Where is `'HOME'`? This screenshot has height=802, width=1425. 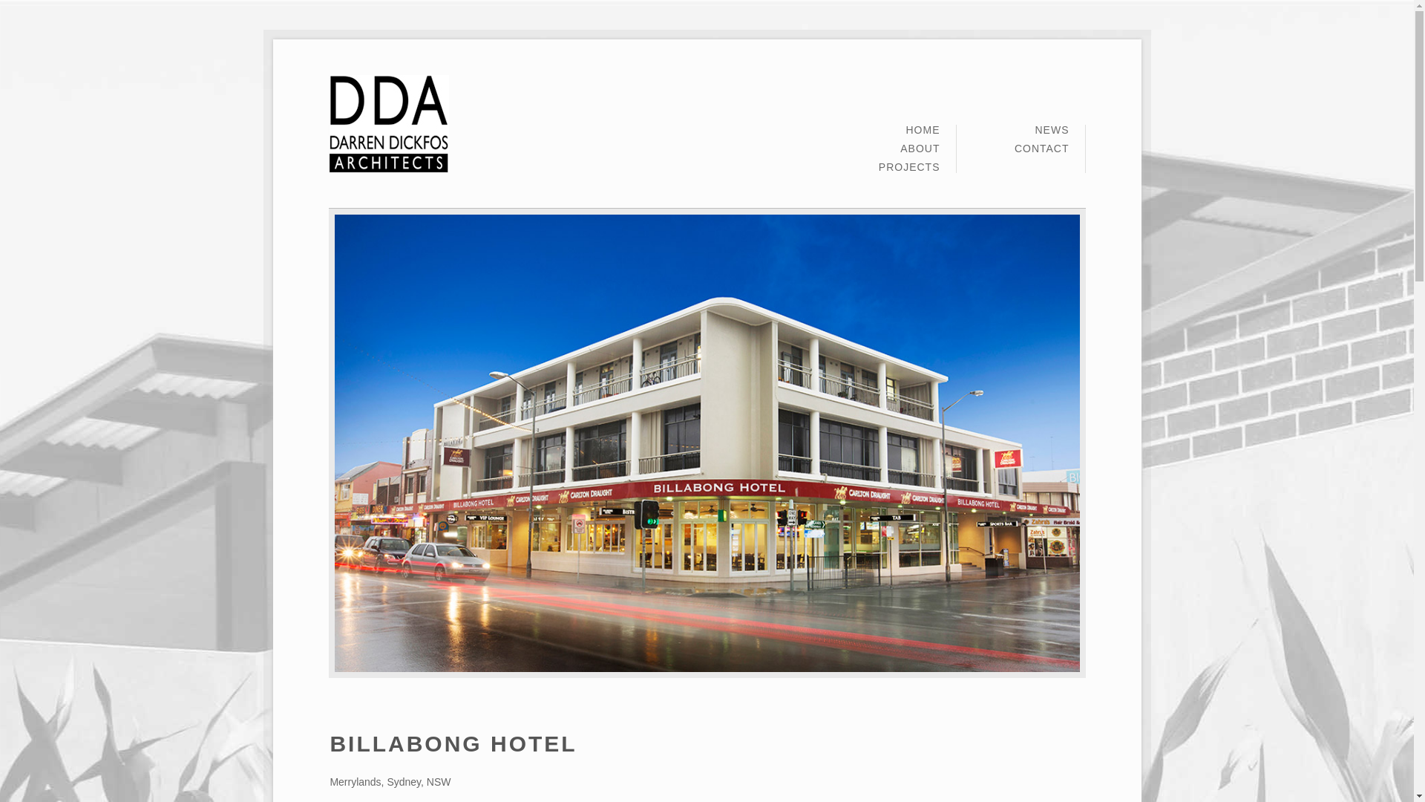
'HOME' is located at coordinates (922, 134).